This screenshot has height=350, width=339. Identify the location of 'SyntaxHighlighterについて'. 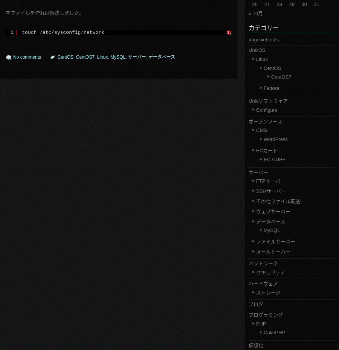
(254, 32).